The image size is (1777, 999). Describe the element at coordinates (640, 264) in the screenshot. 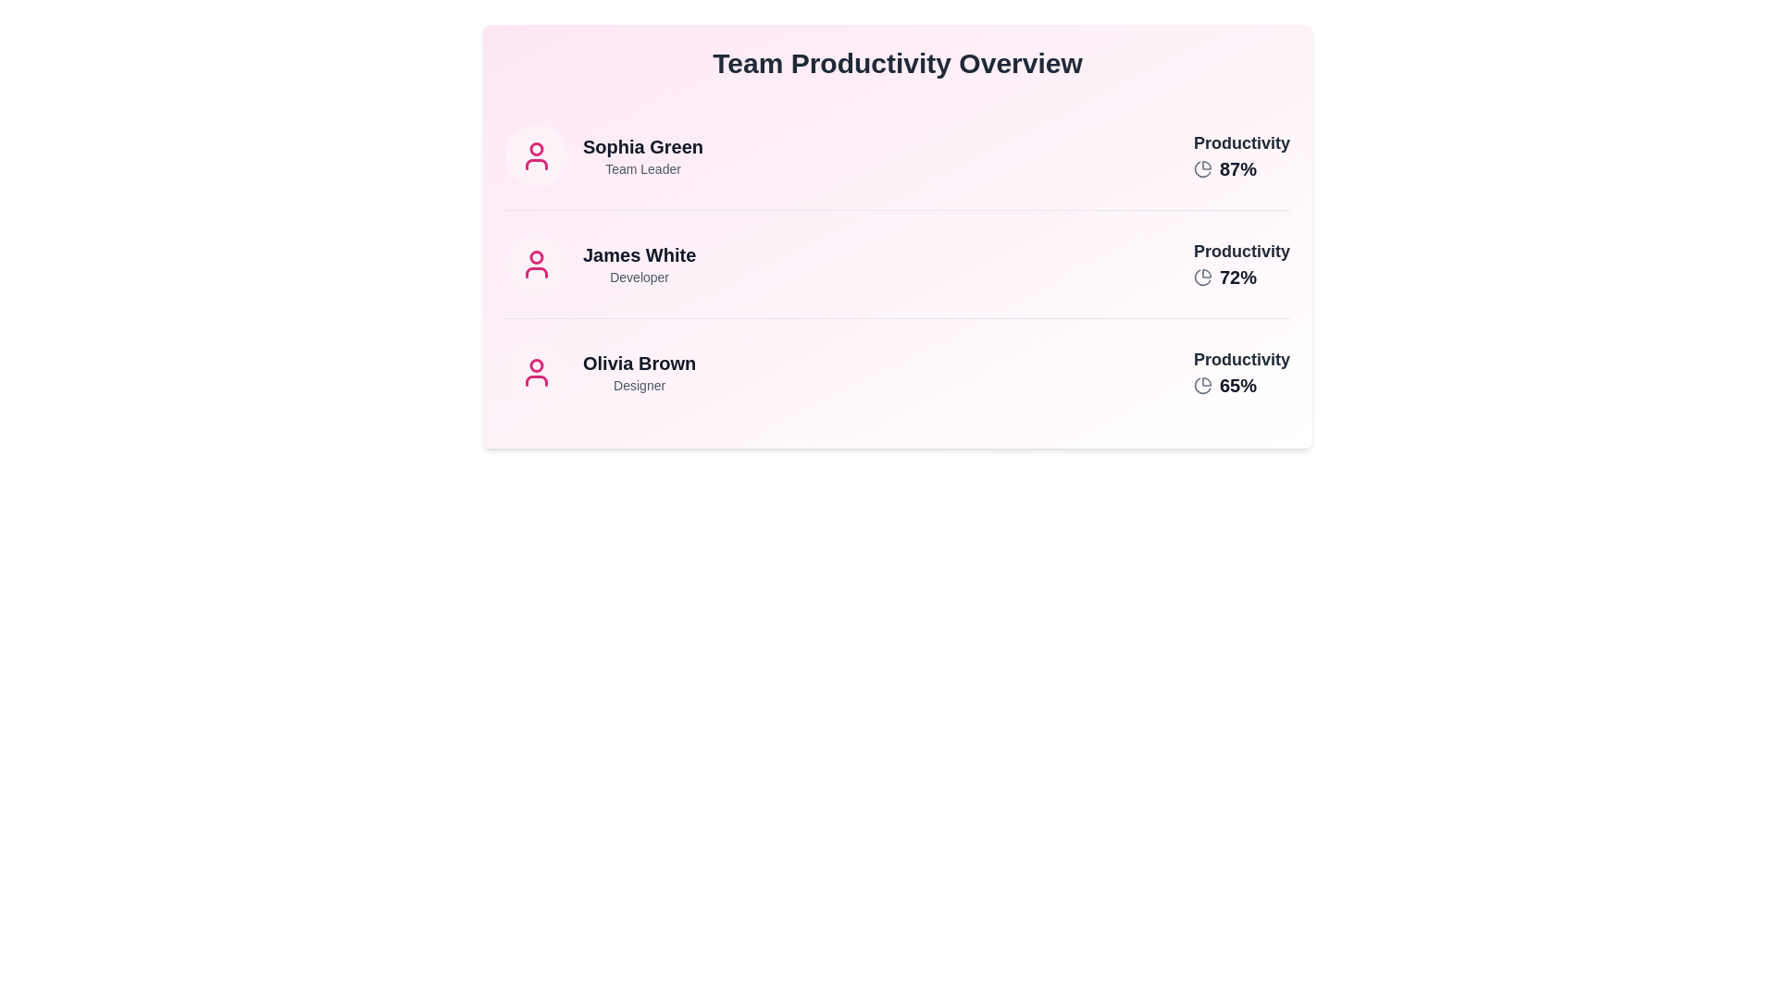

I see `the Text Display element that shows 'James White' and 'Developer', located in the second row of team members` at that location.